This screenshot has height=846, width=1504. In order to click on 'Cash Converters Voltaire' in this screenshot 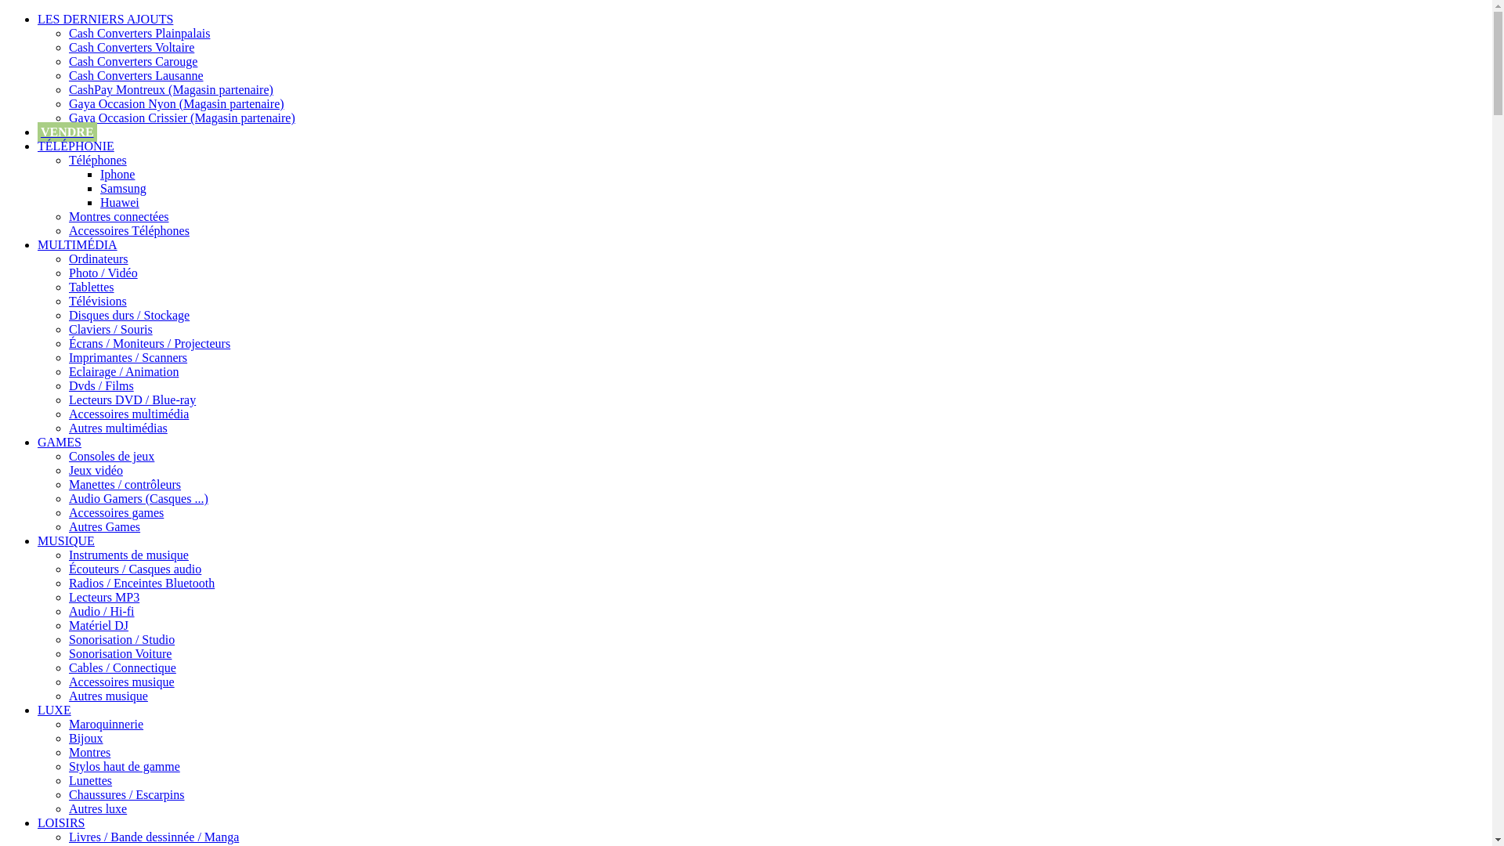, I will do `click(132, 46)`.